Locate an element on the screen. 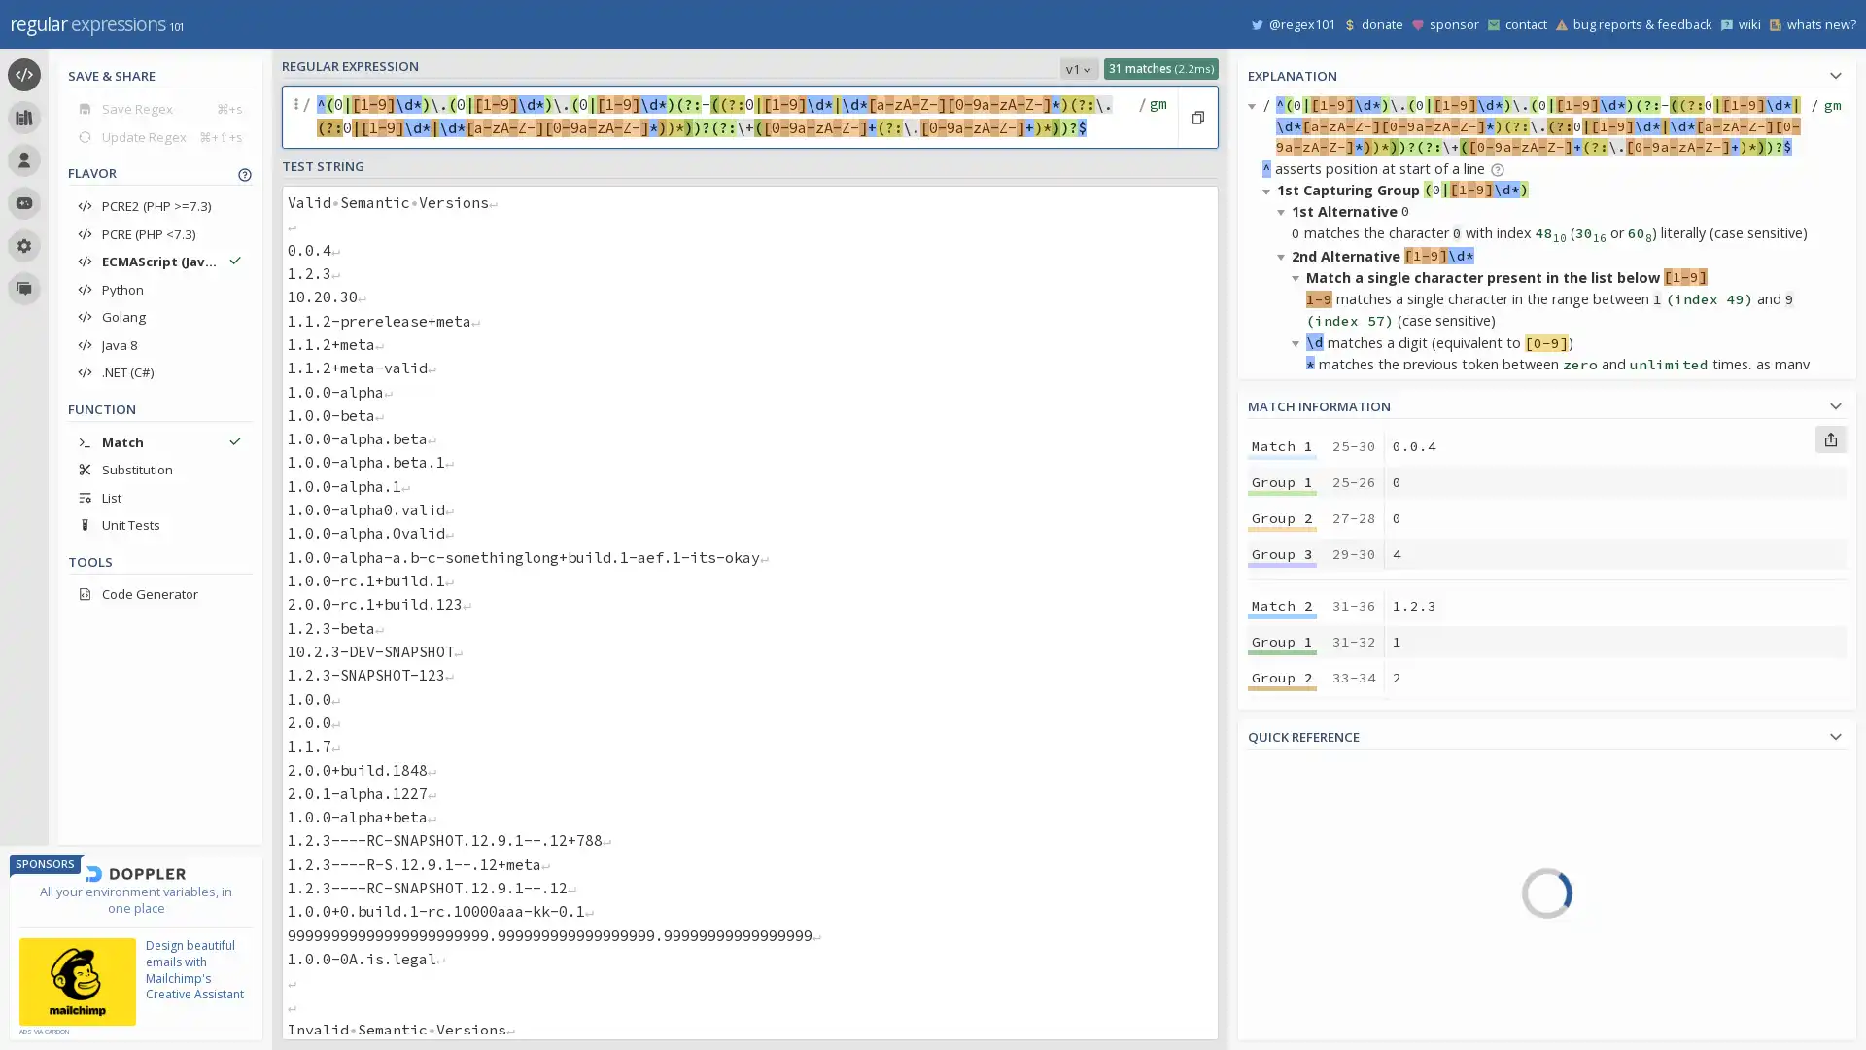  Any single character . is located at coordinates (1643, 908).